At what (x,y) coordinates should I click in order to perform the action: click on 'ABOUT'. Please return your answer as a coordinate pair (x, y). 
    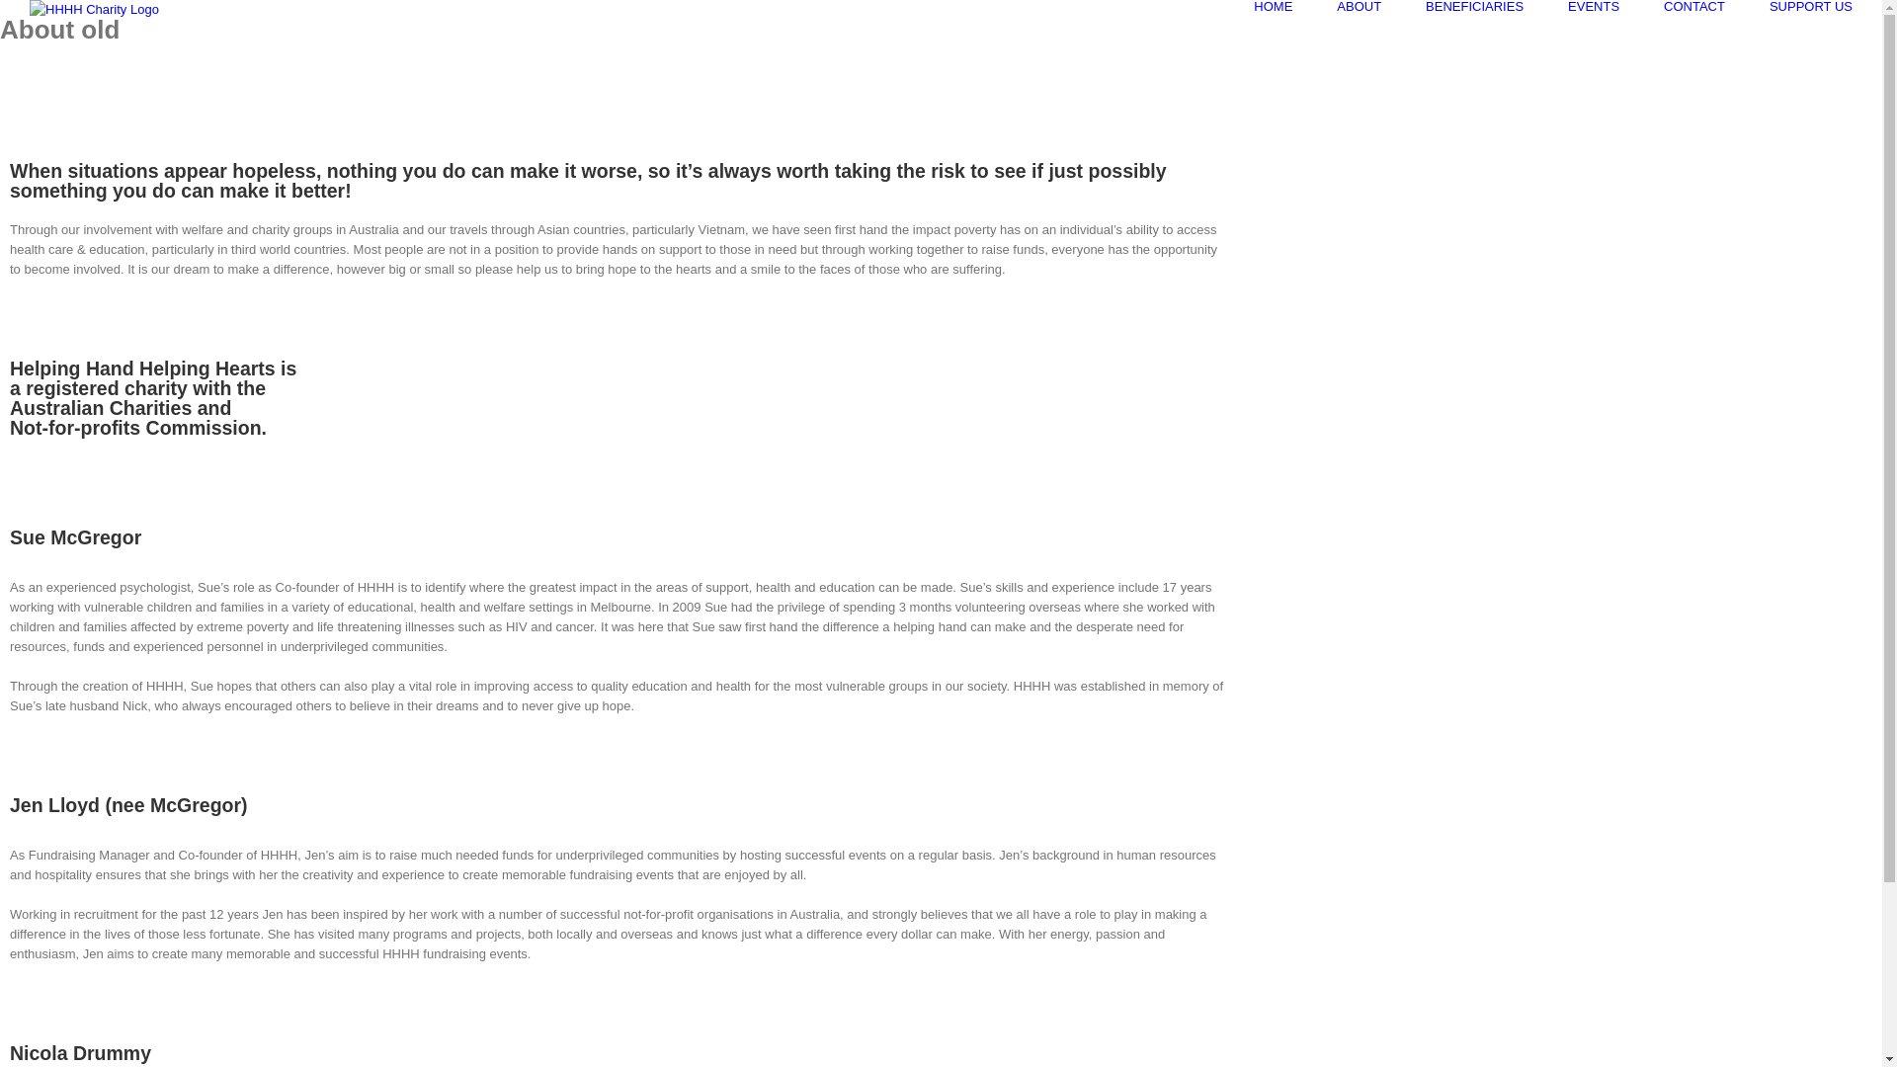
    Looking at the image, I should click on (1337, 6).